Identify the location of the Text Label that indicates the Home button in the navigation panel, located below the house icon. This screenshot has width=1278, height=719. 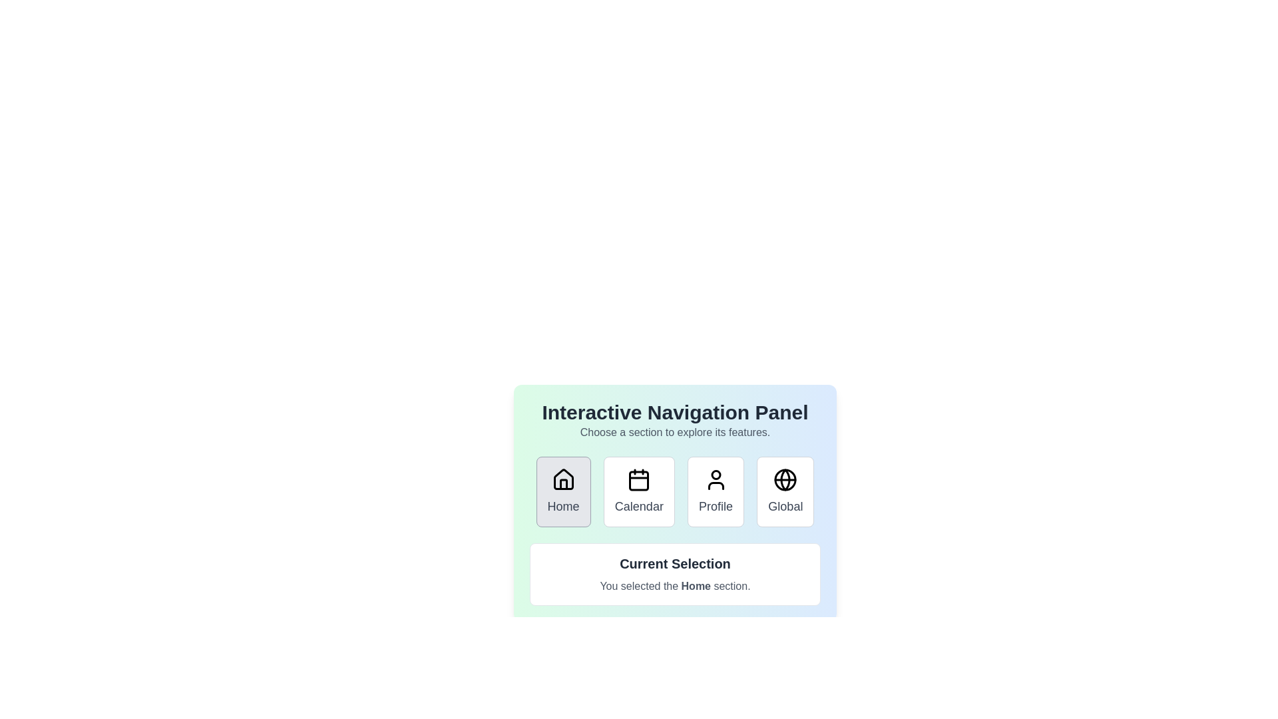
(563, 506).